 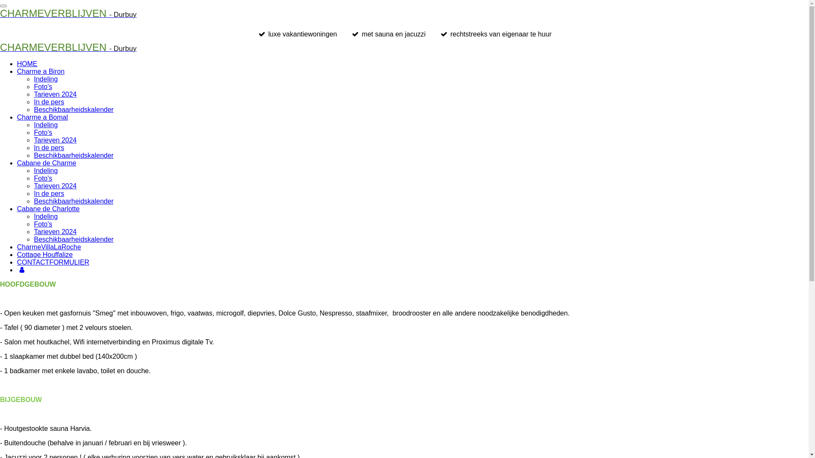 I want to click on 'In de pers', so click(x=48, y=101).